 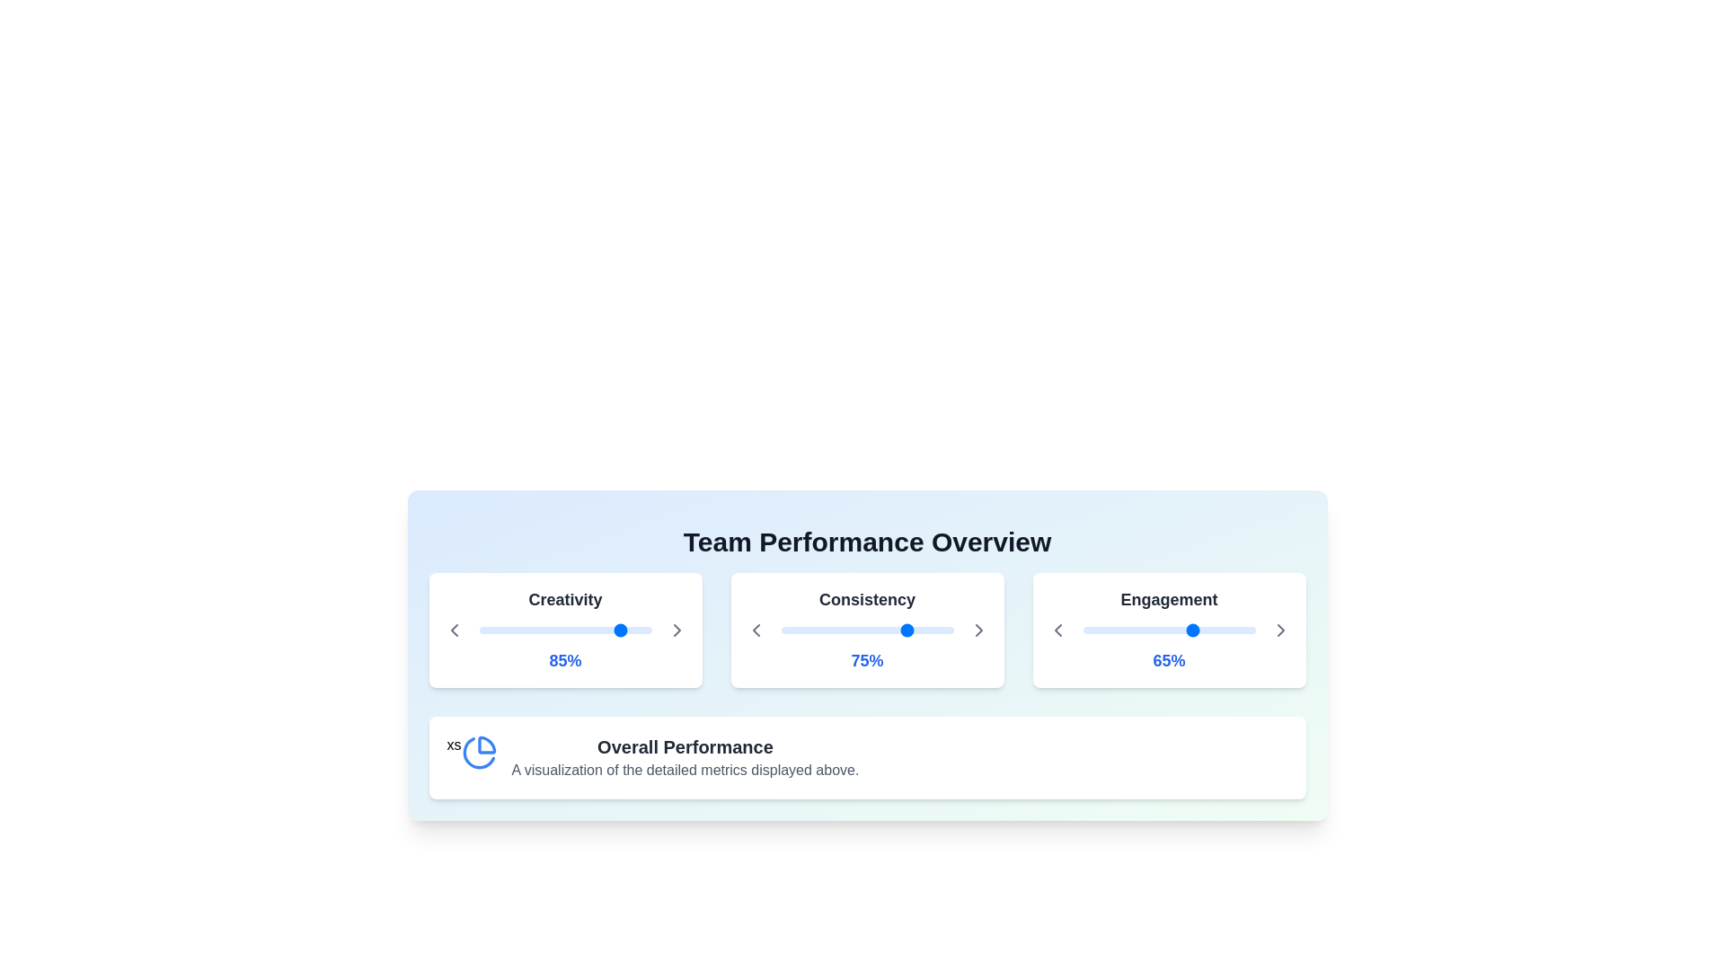 I want to click on engagement, so click(x=1087, y=630).